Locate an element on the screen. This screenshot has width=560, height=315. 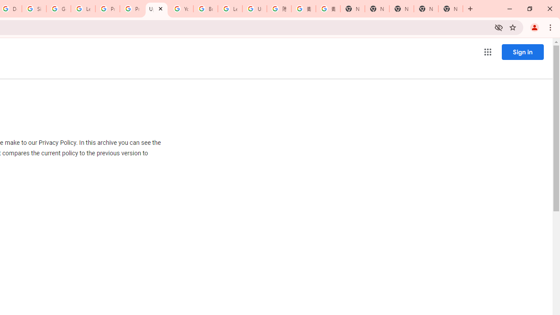
'Sign in - Google Accounts' is located at coordinates (34, 9).